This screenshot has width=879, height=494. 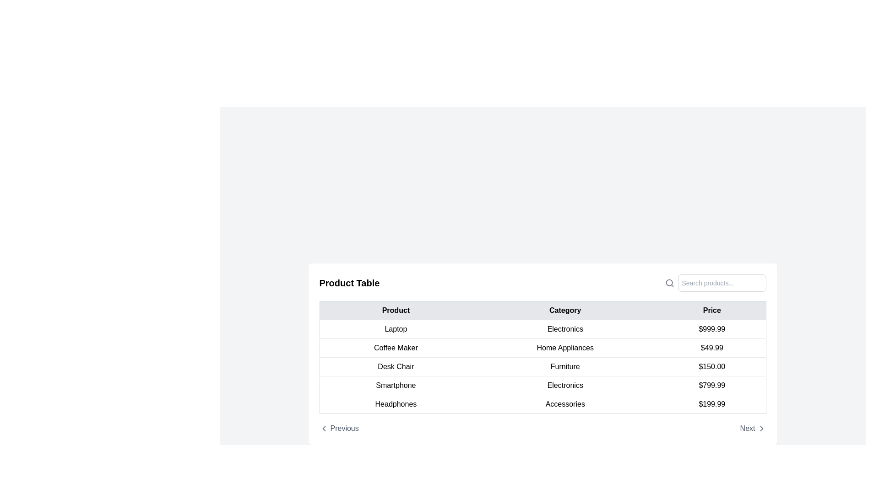 What do you see at coordinates (396, 403) in the screenshot?
I see `the text label displaying 'Headphones' located in the last row of the 'Product' column in the table` at bounding box center [396, 403].